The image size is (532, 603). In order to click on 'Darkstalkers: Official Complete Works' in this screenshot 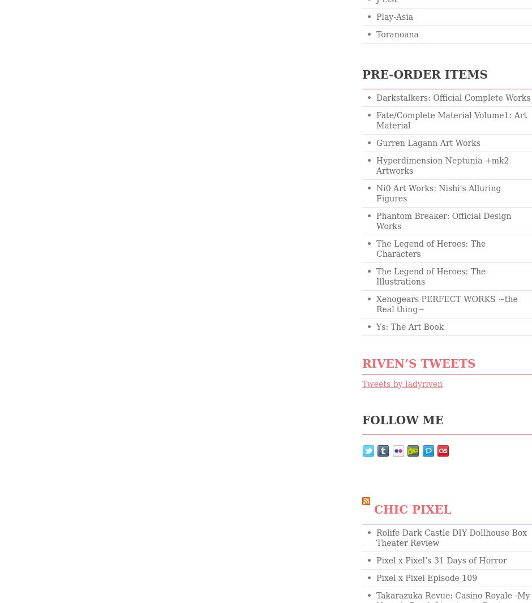, I will do `click(453, 97)`.